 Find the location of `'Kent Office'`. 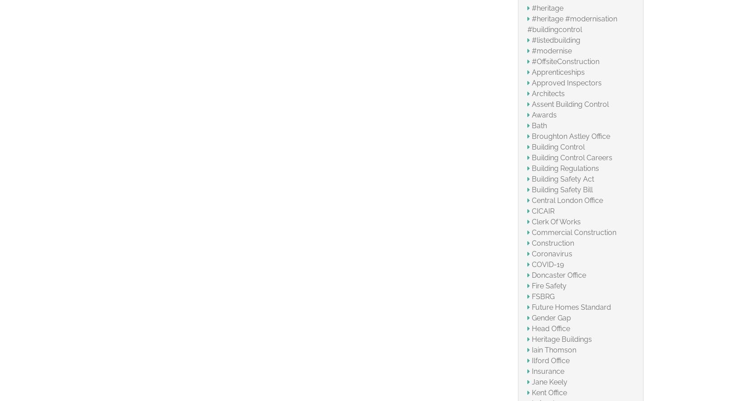

'Kent Office' is located at coordinates (549, 392).